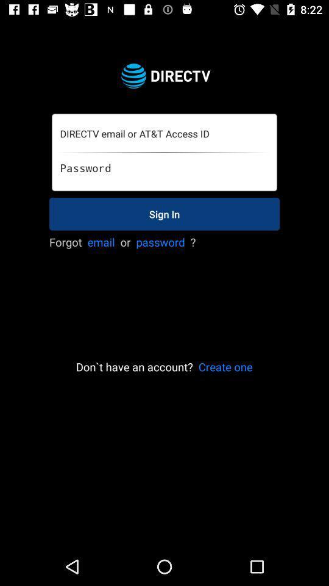 The height and width of the screenshot is (586, 329). What do you see at coordinates (164, 134) in the screenshot?
I see `login id` at bounding box center [164, 134].